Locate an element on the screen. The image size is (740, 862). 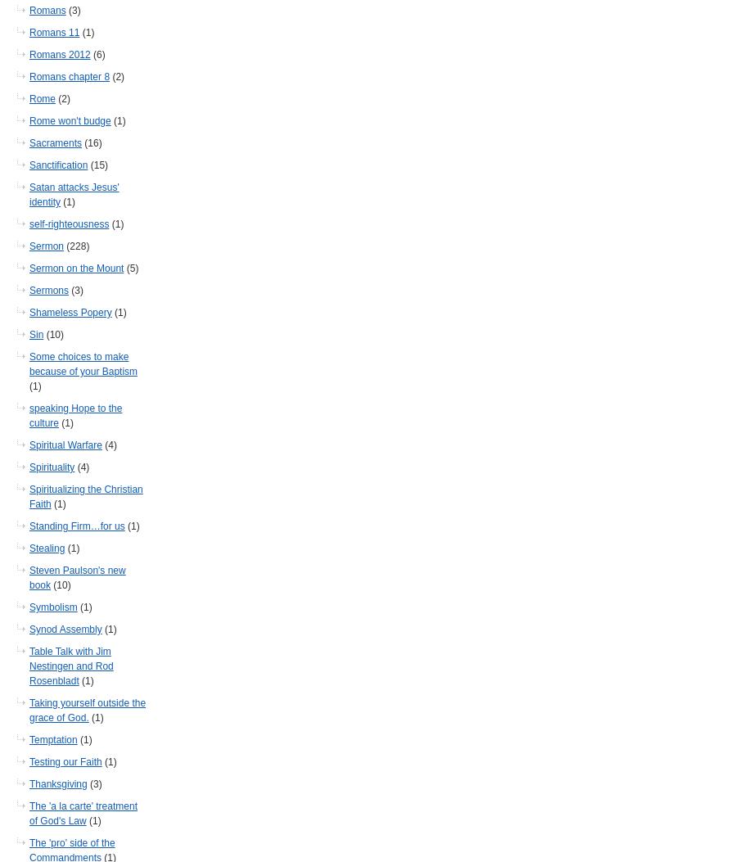
'Sanctification' is located at coordinates (58, 165).